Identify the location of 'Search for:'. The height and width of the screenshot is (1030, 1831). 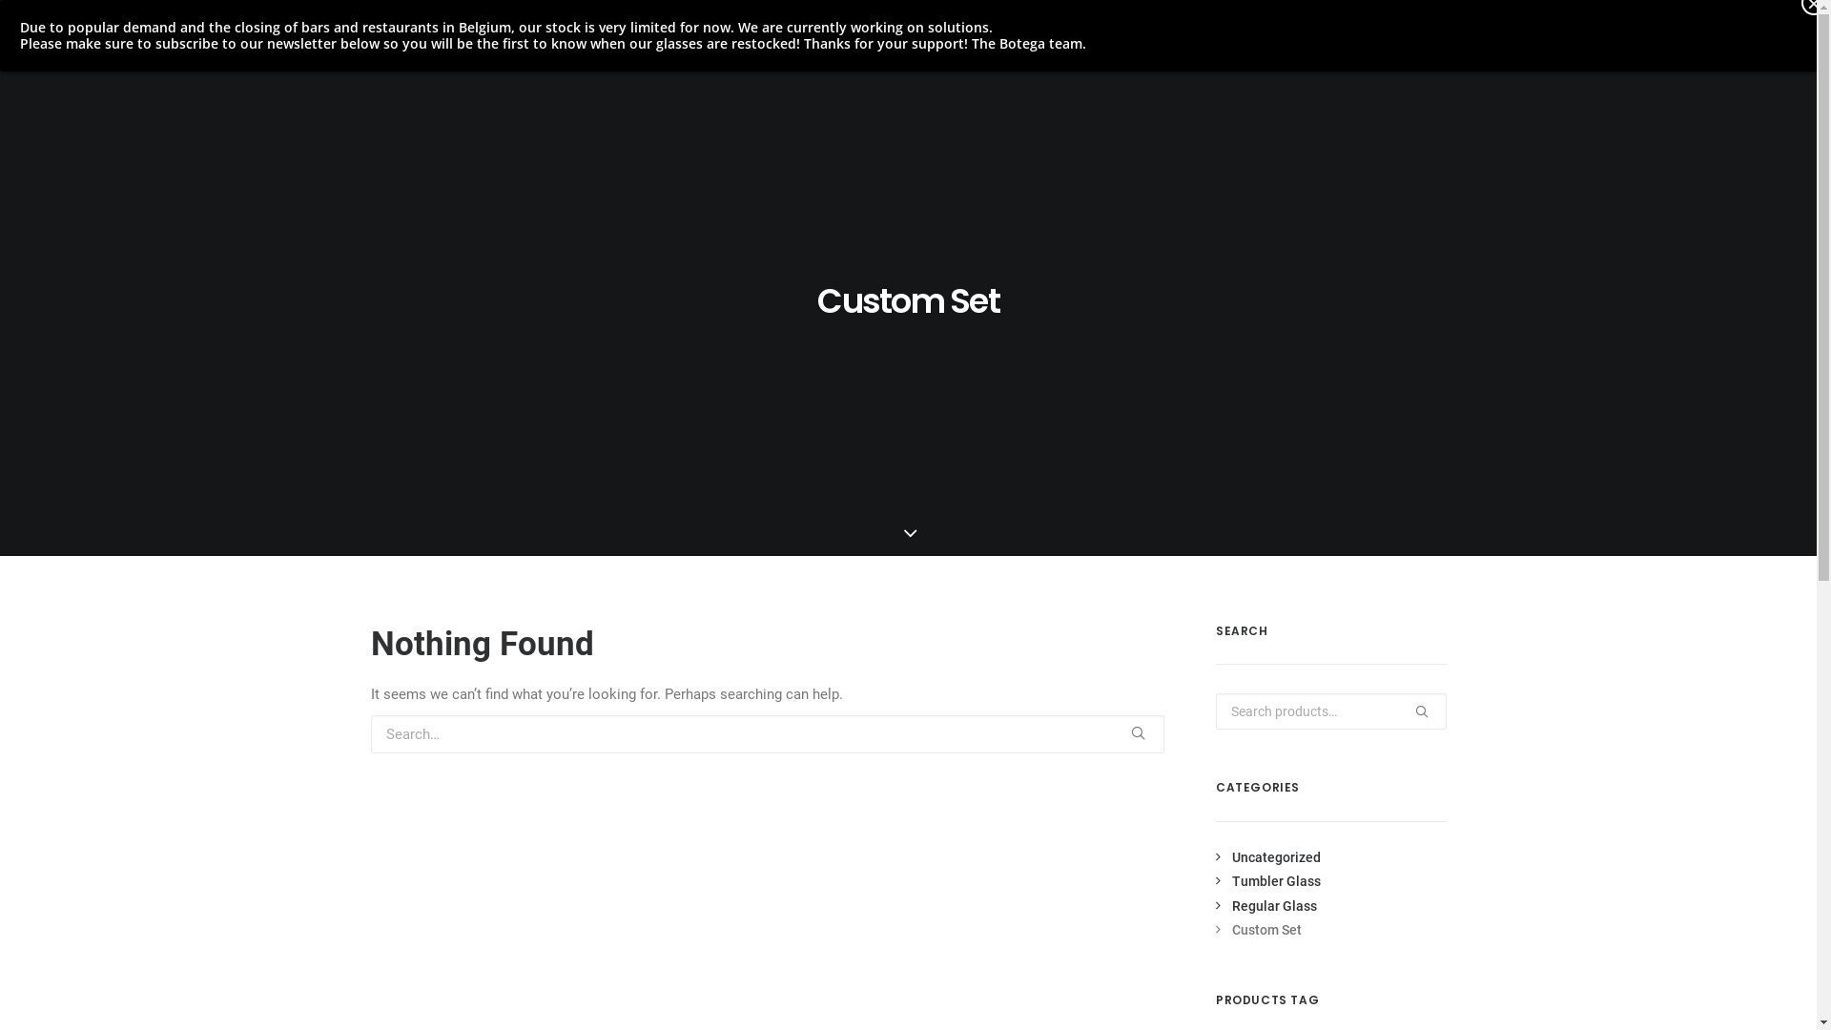
(767, 733).